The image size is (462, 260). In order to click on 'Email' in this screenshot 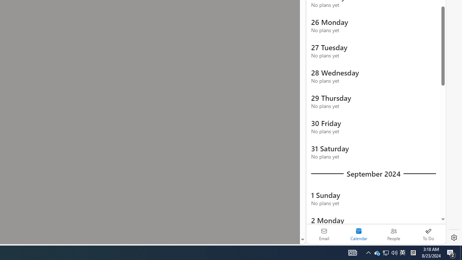, I will do `click(324, 234)`.